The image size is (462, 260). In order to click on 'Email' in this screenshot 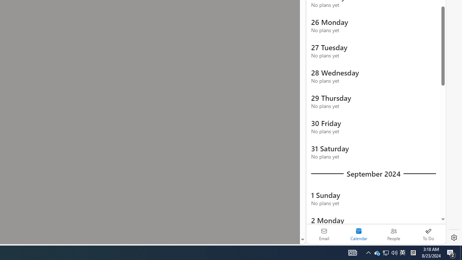, I will do `click(324, 234)`.